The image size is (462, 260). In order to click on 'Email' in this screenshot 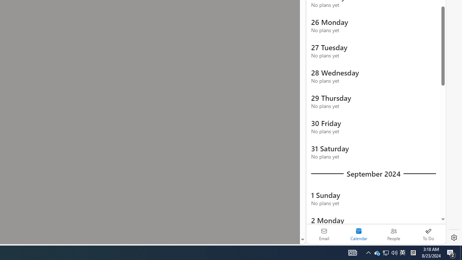, I will do `click(324, 234)`.